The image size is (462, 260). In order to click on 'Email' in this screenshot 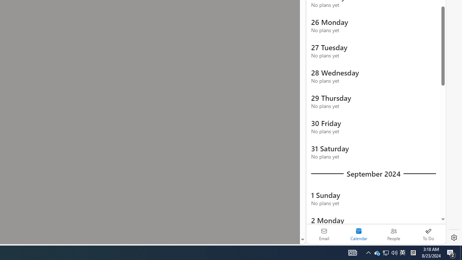, I will do `click(324, 234)`.